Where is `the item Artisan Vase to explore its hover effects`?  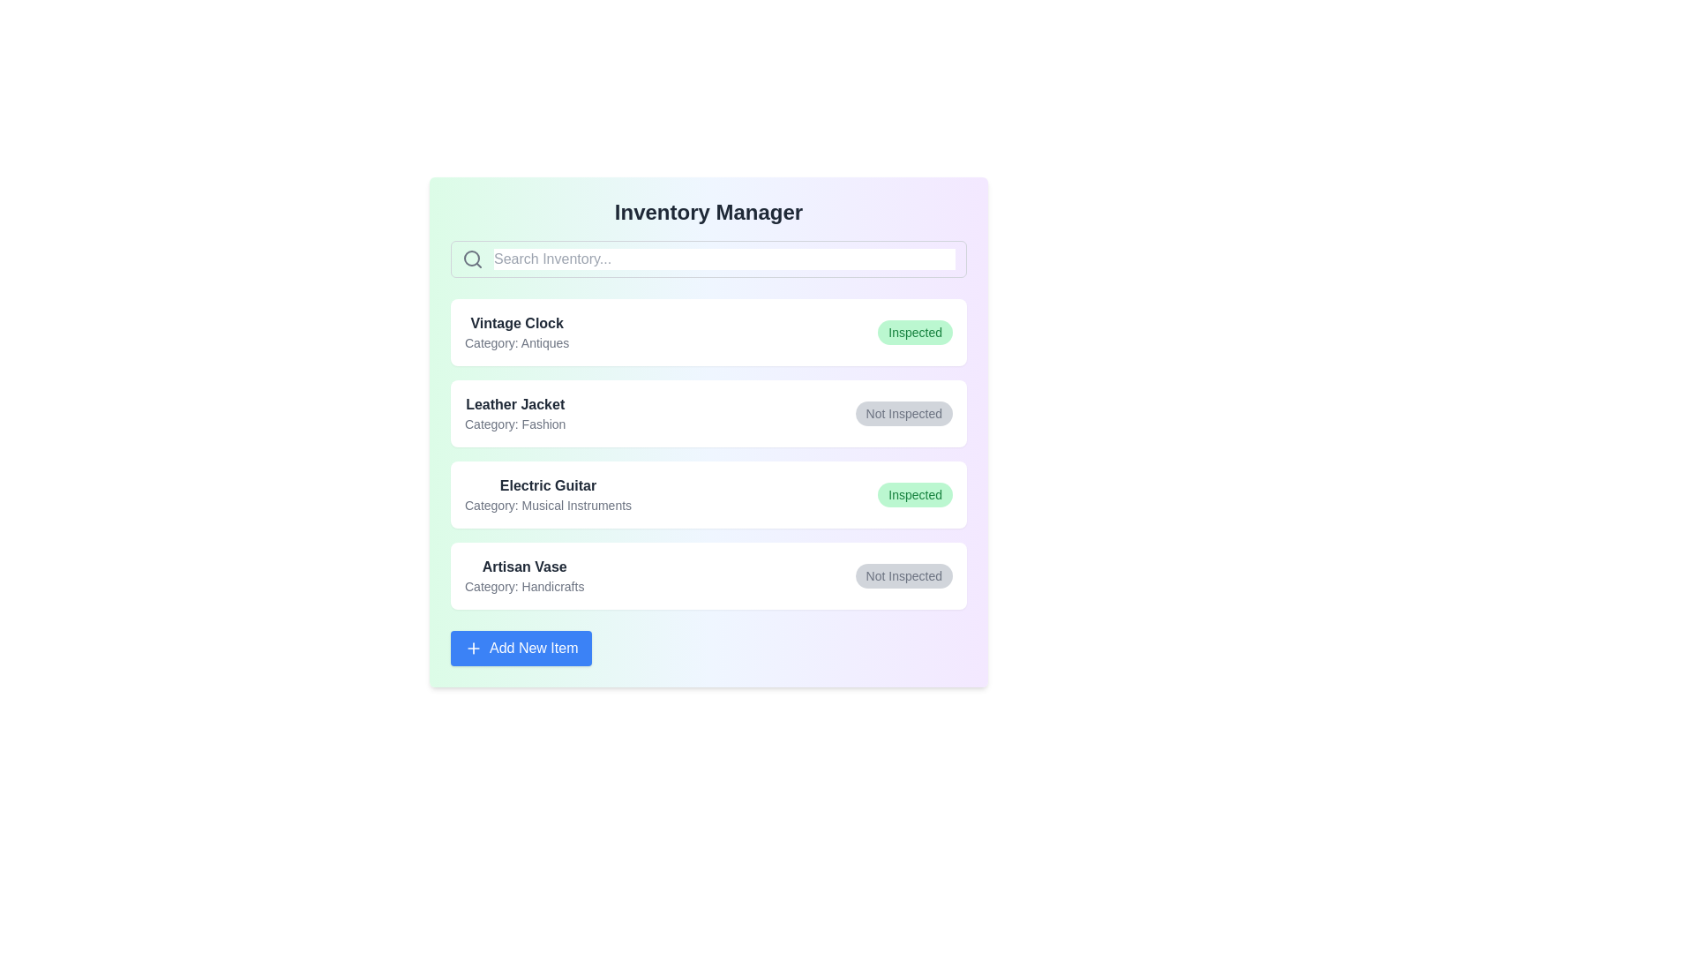 the item Artisan Vase to explore its hover effects is located at coordinates (708, 575).